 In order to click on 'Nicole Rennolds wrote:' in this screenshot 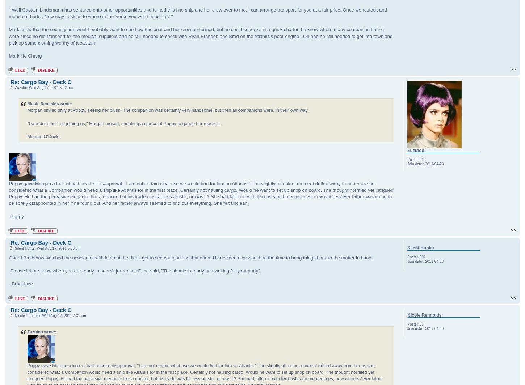, I will do `click(49, 103)`.